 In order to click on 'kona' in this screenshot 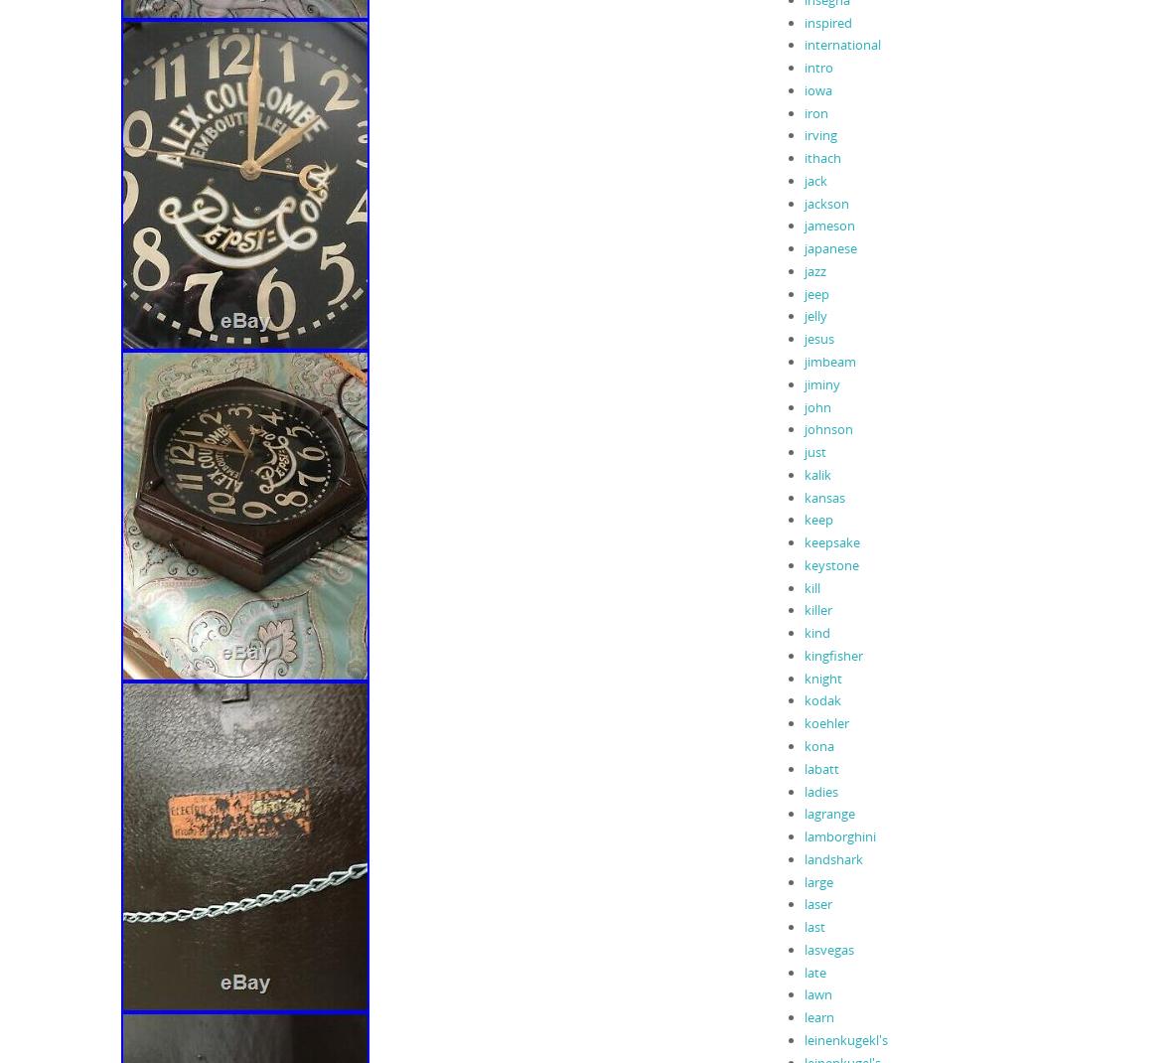, I will do `click(817, 745)`.